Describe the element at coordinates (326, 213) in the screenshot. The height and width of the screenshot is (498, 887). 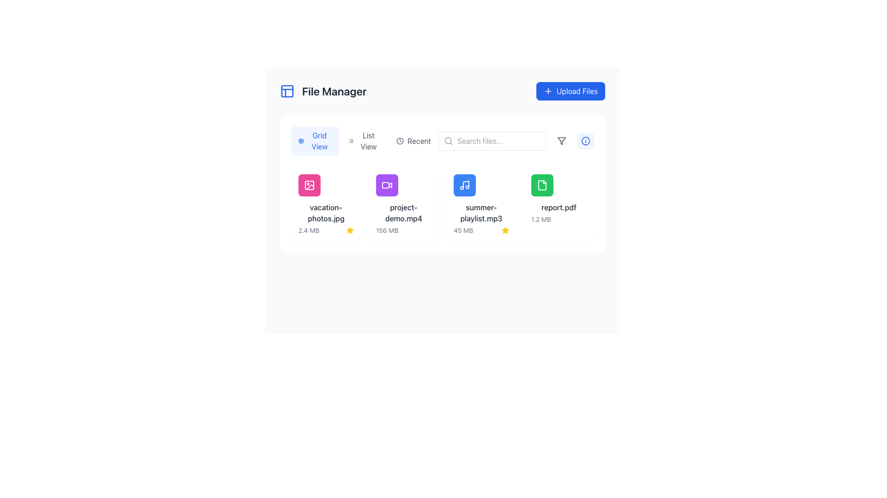
I see `the textual label displaying the filename 'vacation-photos.jpg'` at that location.